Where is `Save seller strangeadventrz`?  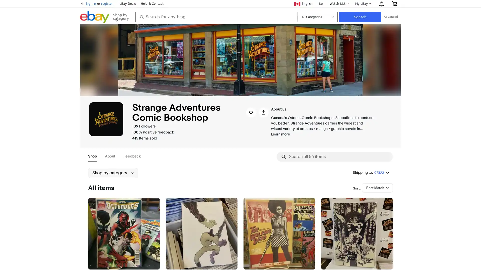
Save seller strangeadventrz is located at coordinates (251, 112).